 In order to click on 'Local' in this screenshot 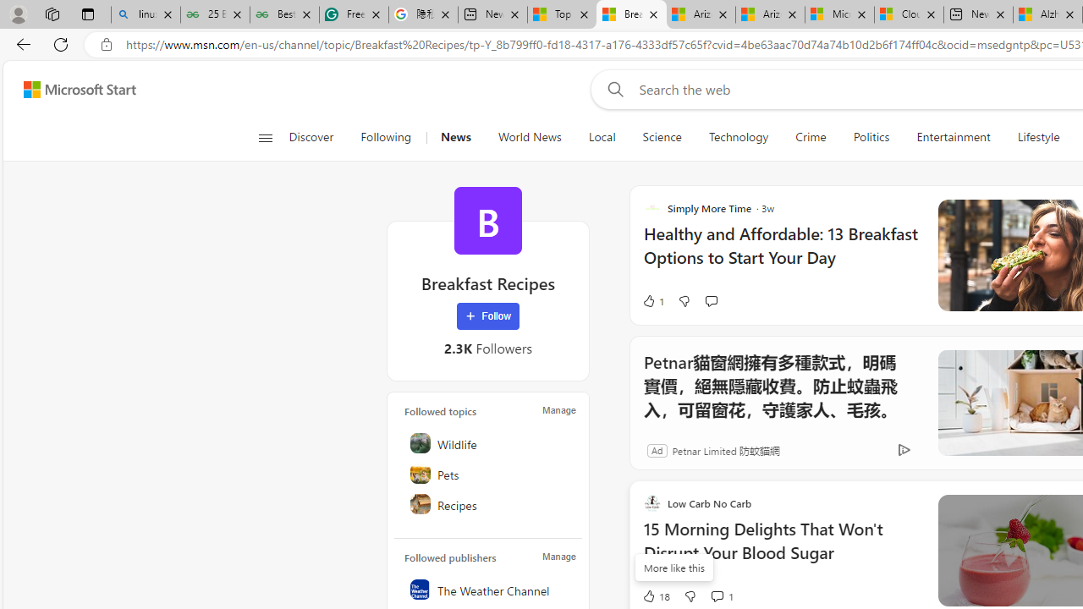, I will do `click(602, 137)`.